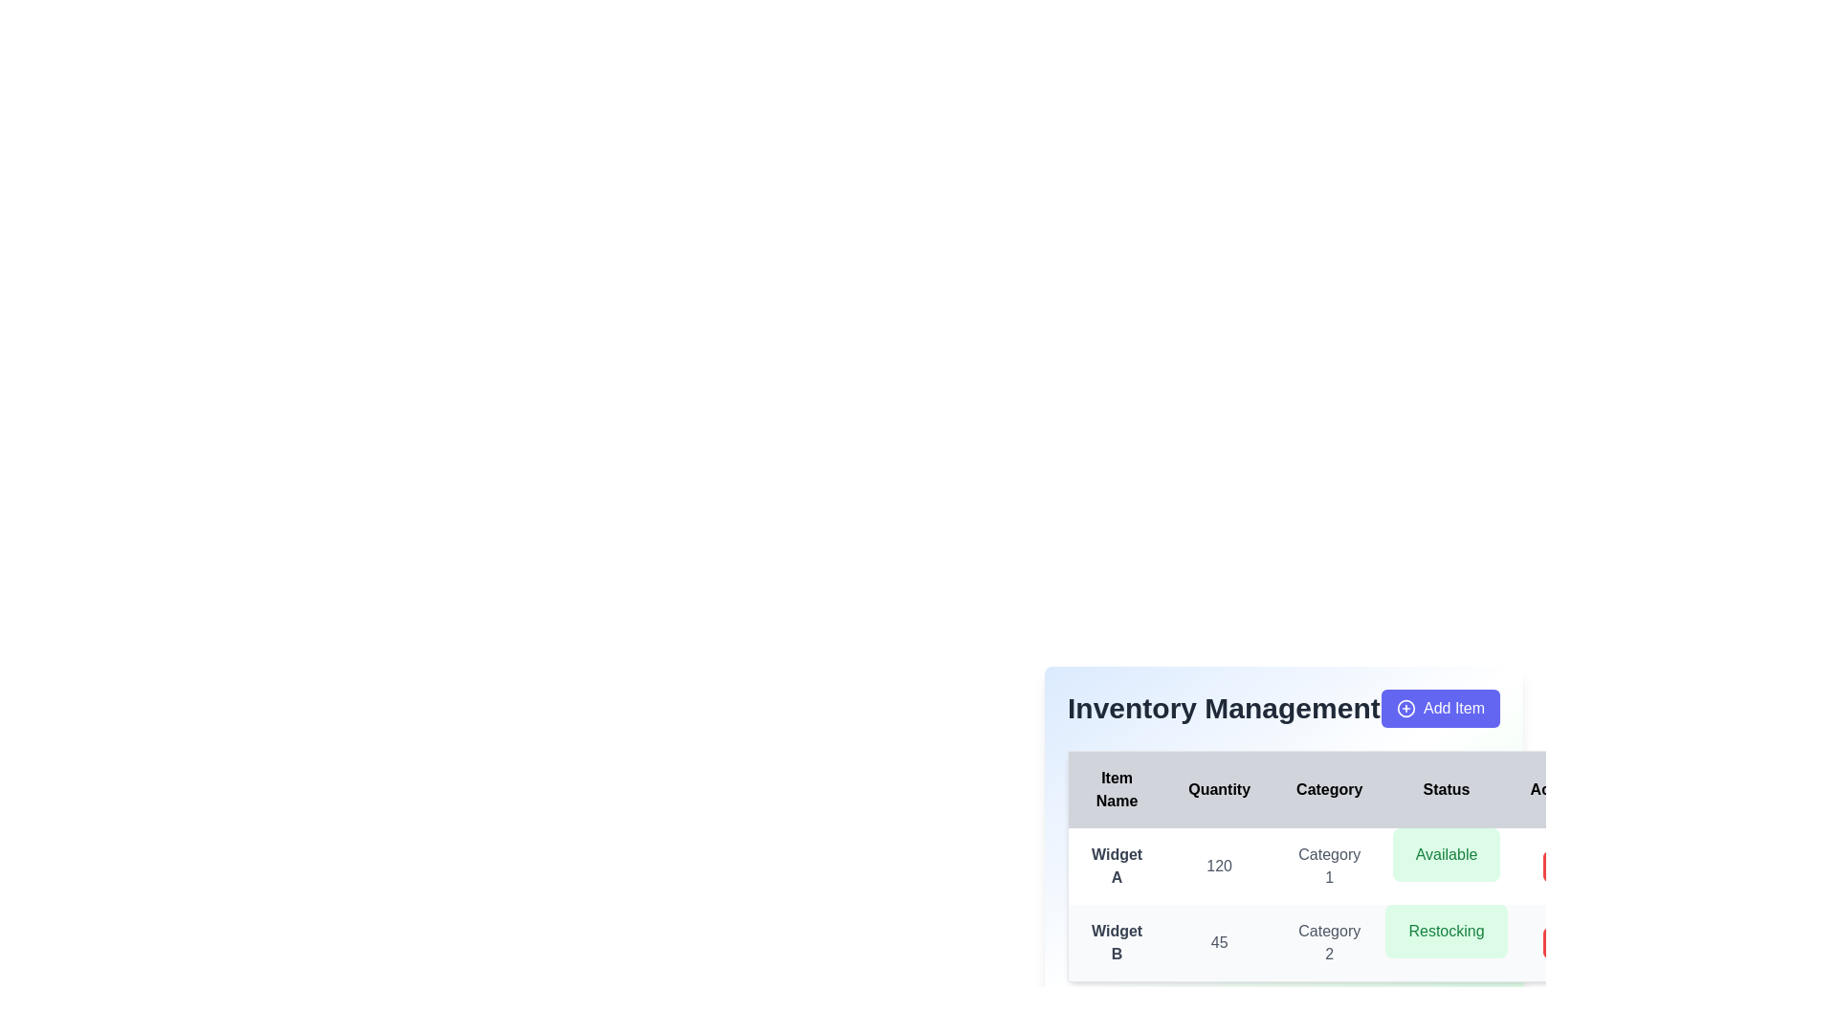 This screenshot has height=1033, width=1837. What do you see at coordinates (1558, 942) in the screenshot?
I see `the second action button` at bounding box center [1558, 942].